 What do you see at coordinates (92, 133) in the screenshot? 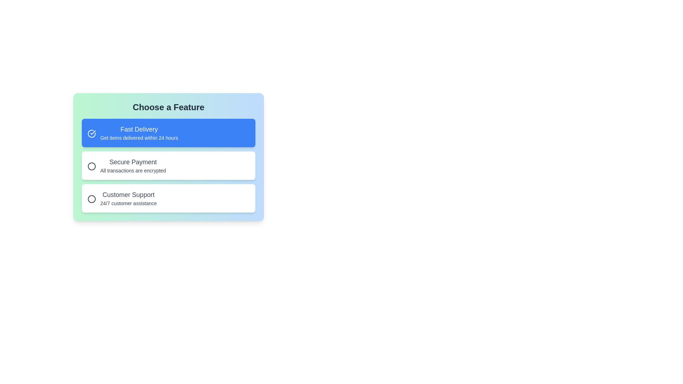
I see `the state of the SVG Check Mark Icon, which visually confirms the selection of the associated option in the card next to 'Fast Delivery'` at bounding box center [92, 133].